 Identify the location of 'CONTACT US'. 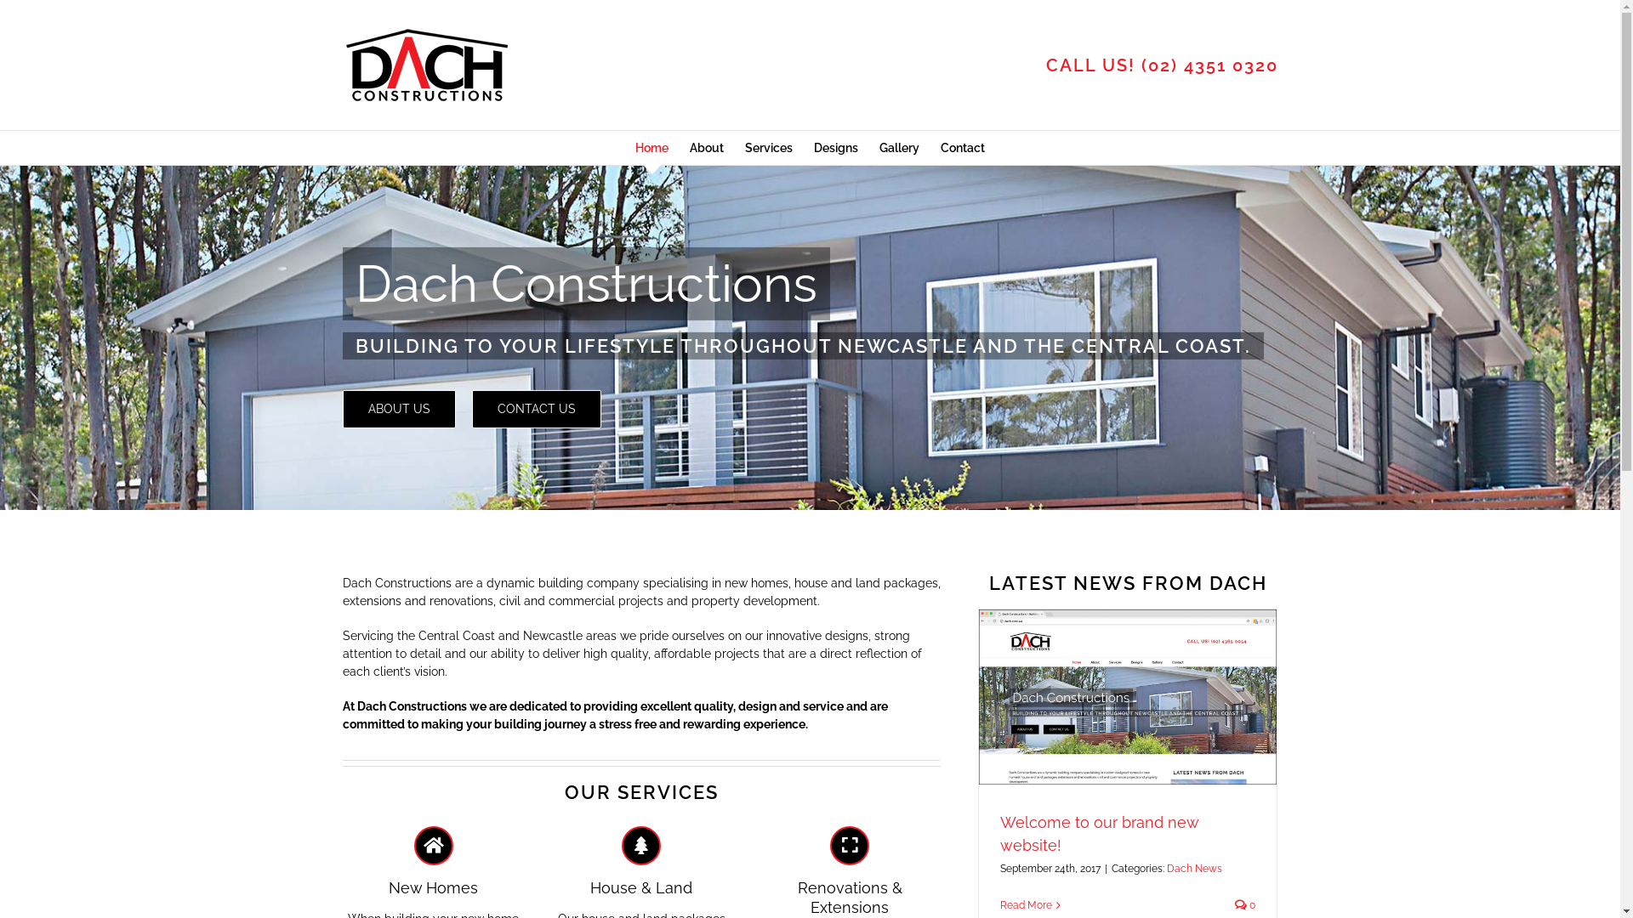
(534, 409).